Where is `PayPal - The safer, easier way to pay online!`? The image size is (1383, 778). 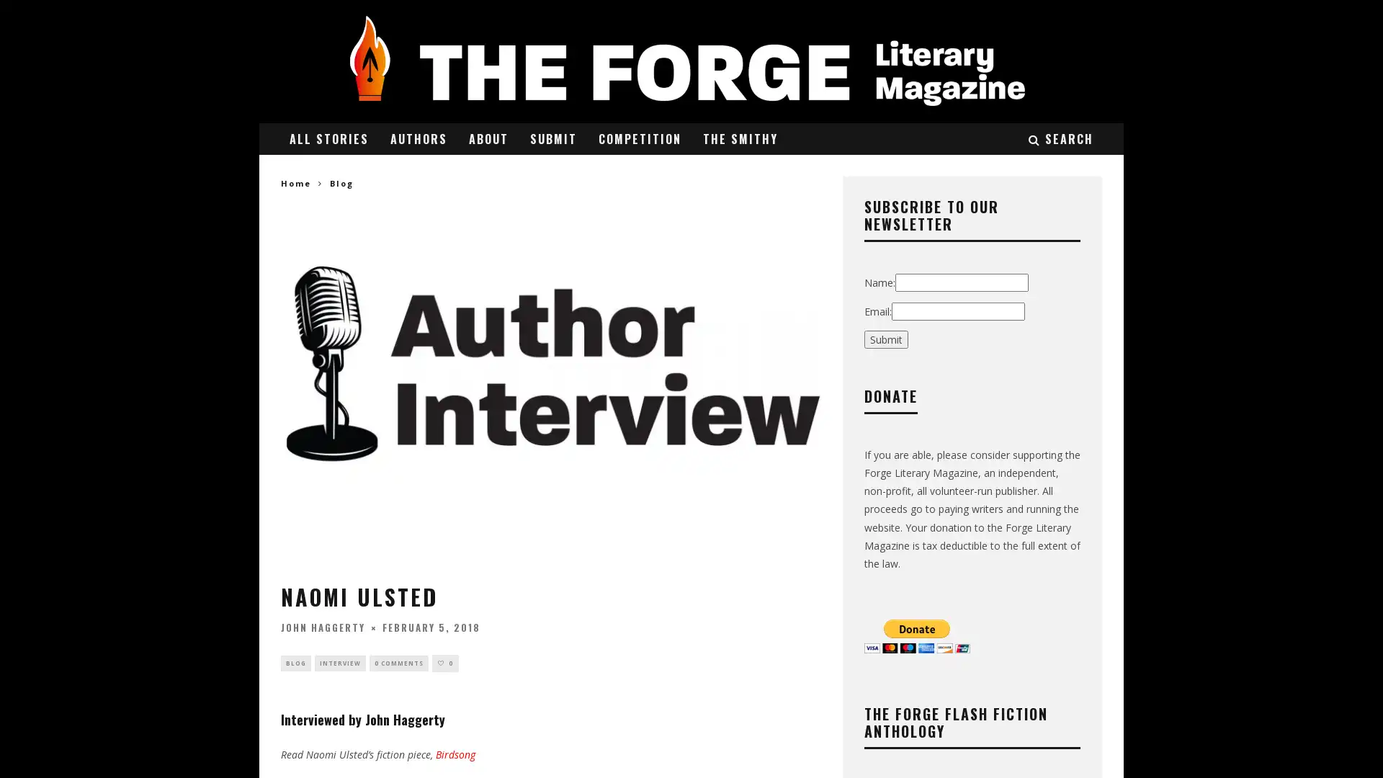 PayPal - The safer, easier way to pay online! is located at coordinates (916, 635).